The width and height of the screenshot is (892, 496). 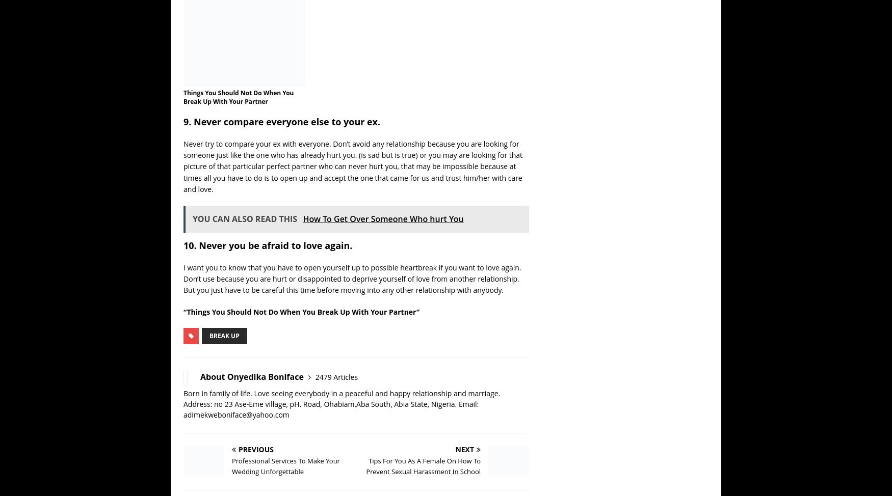 I want to click on 'Next', so click(x=464, y=450).